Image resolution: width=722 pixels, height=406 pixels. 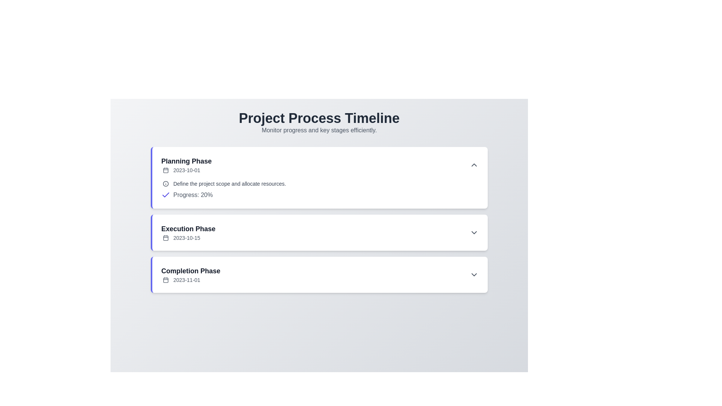 What do you see at coordinates (165, 184) in the screenshot?
I see `the icon located in the 'Planning Phase' section of the timeline interface` at bounding box center [165, 184].